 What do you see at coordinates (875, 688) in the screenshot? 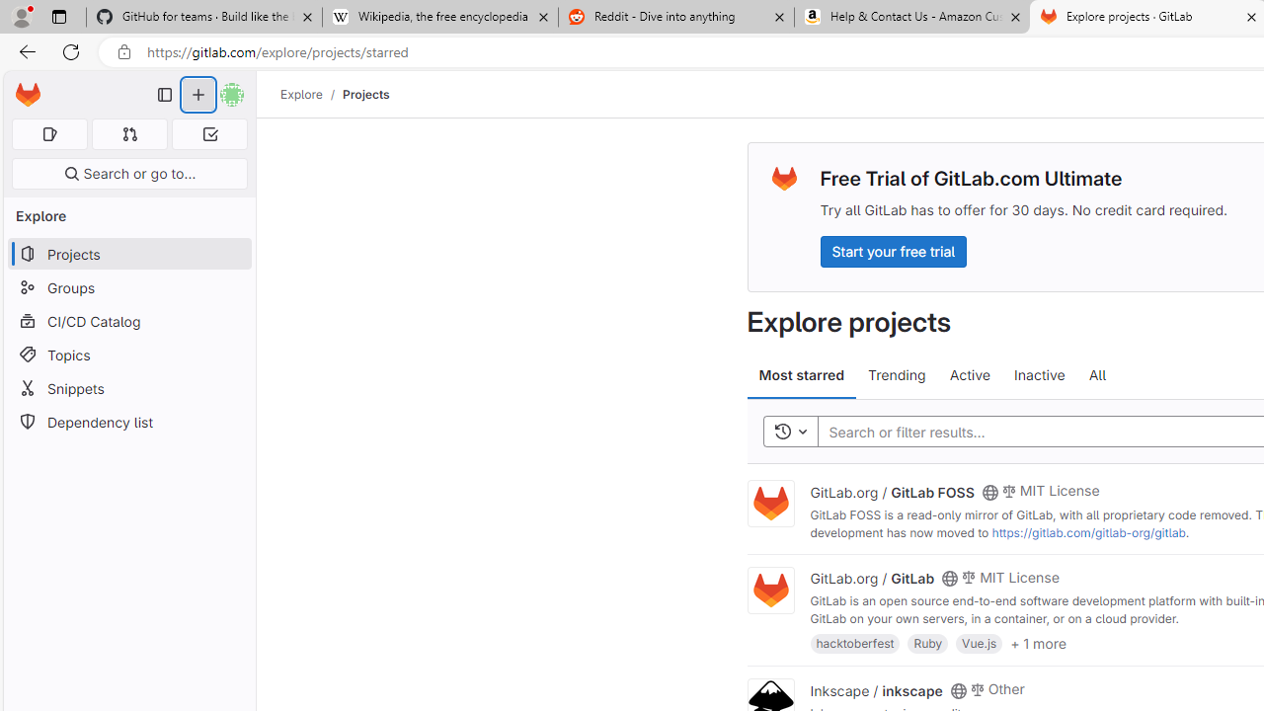
I see `'Inkscape / inkscape'` at bounding box center [875, 688].